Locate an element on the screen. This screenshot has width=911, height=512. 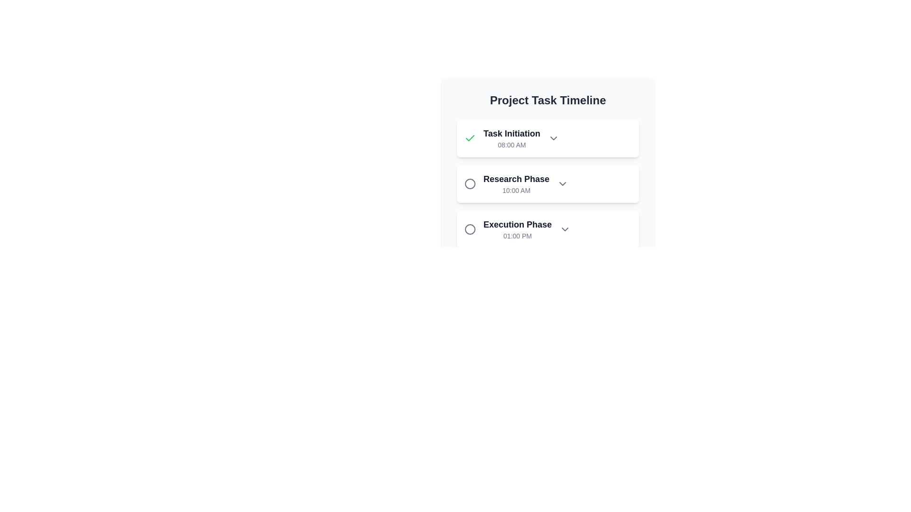
the text label that serves as a heading for the 'Execution Phase' in the project timeline, which is located between the 'Research Phase' and subsequent items is located at coordinates (517, 225).